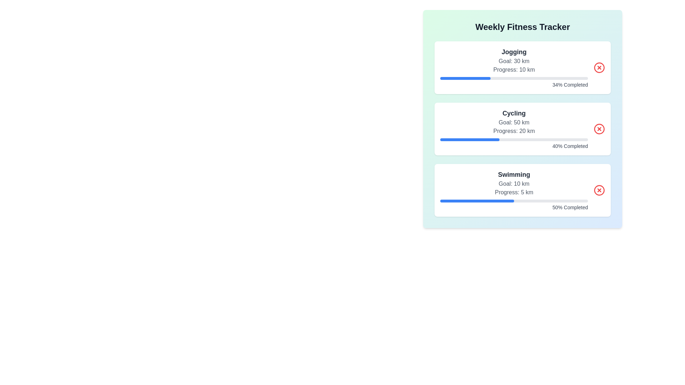  What do you see at coordinates (470, 140) in the screenshot?
I see `the filled portion of the progress bar indicating 40% completion for the 'Cycling' activity` at bounding box center [470, 140].